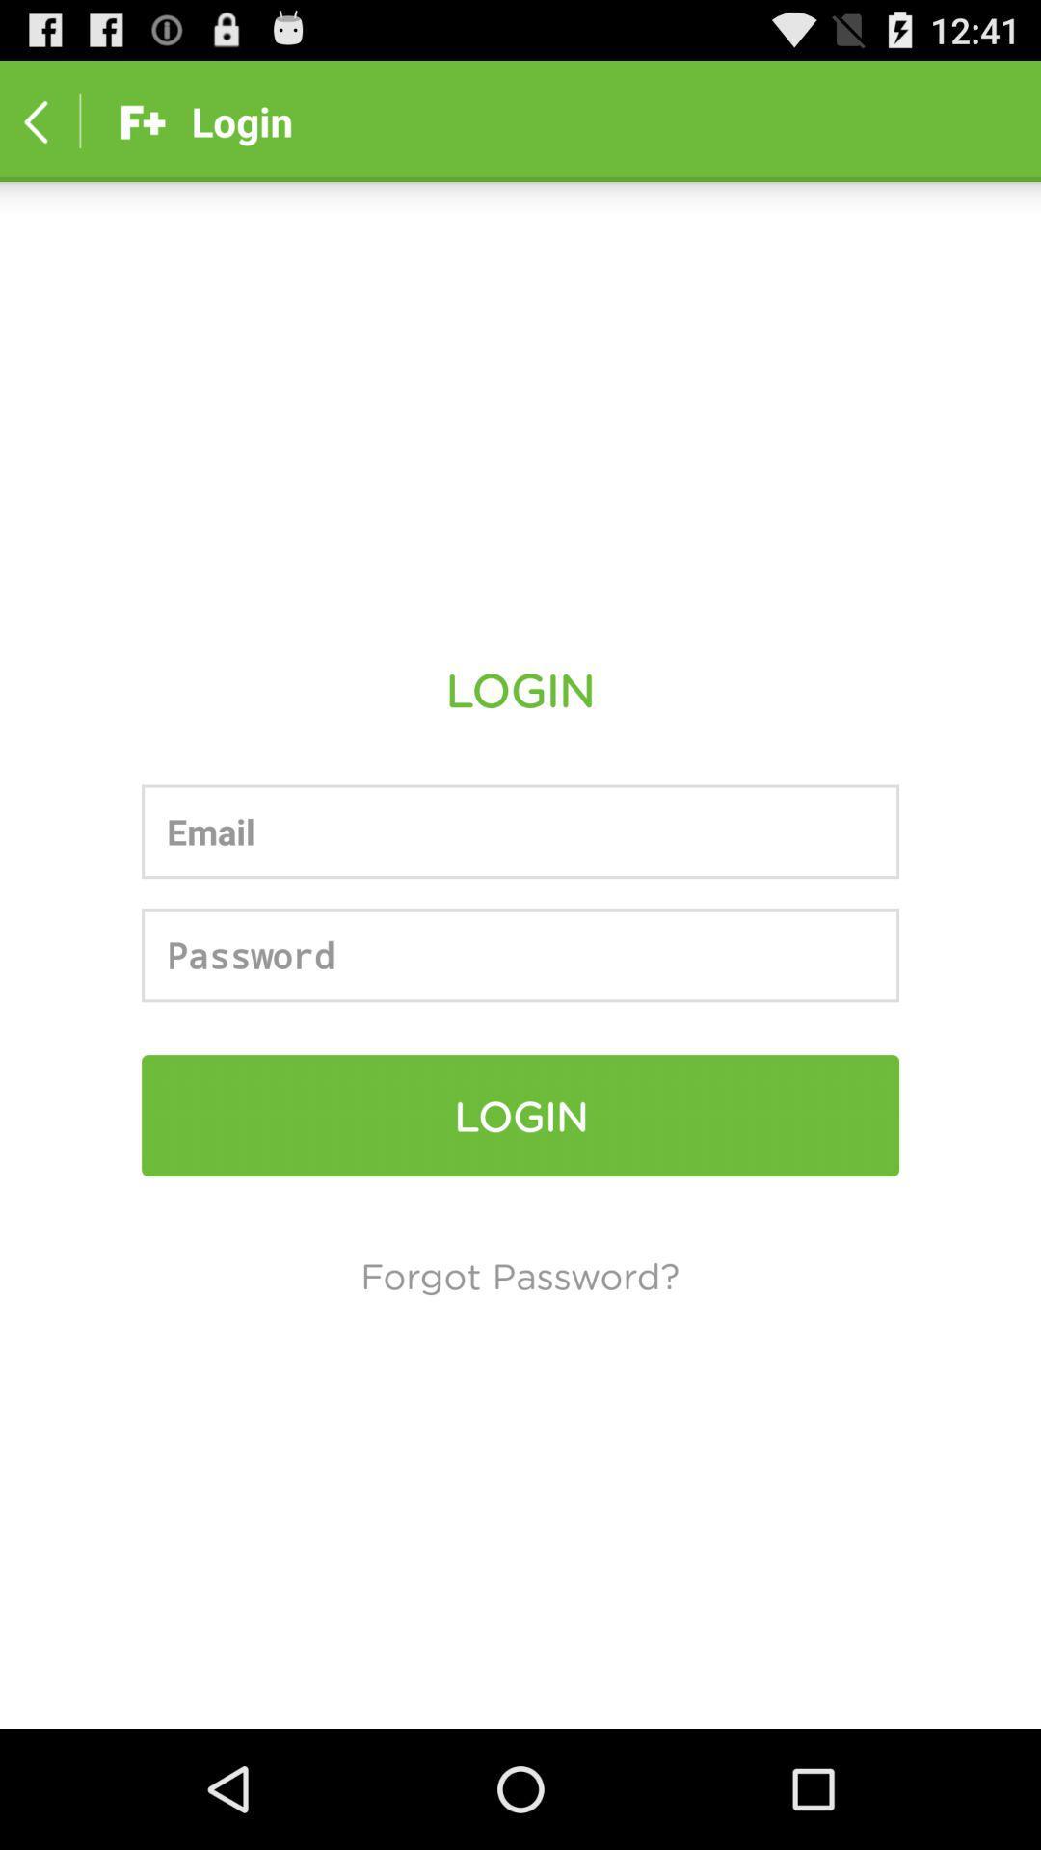 This screenshot has height=1850, width=1041. I want to click on the item at the bottom, so click(519, 1275).